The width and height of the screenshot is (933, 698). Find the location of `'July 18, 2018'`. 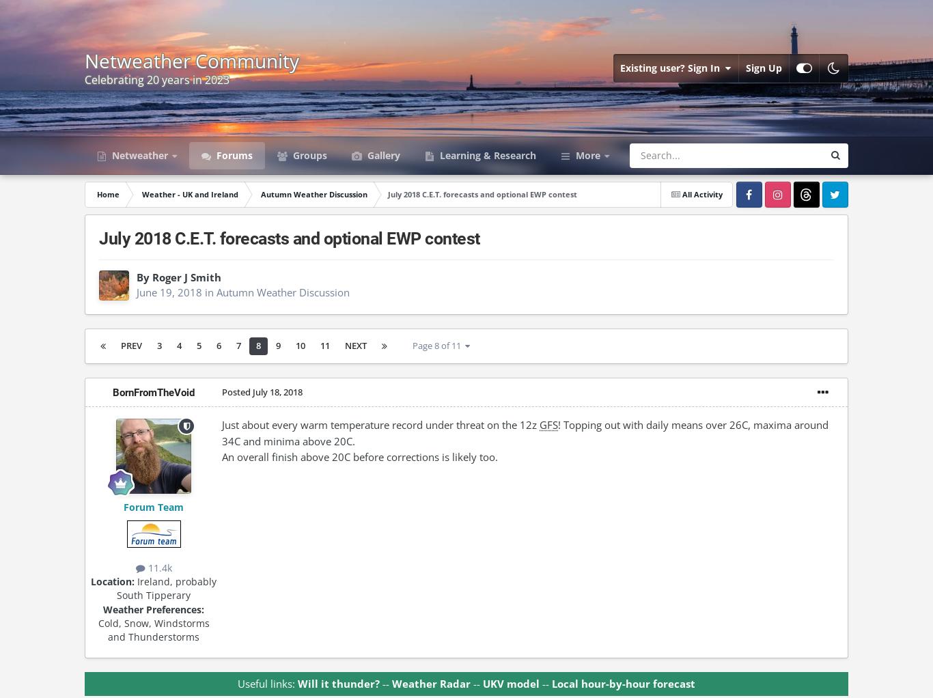

'July 18, 2018' is located at coordinates (252, 392).